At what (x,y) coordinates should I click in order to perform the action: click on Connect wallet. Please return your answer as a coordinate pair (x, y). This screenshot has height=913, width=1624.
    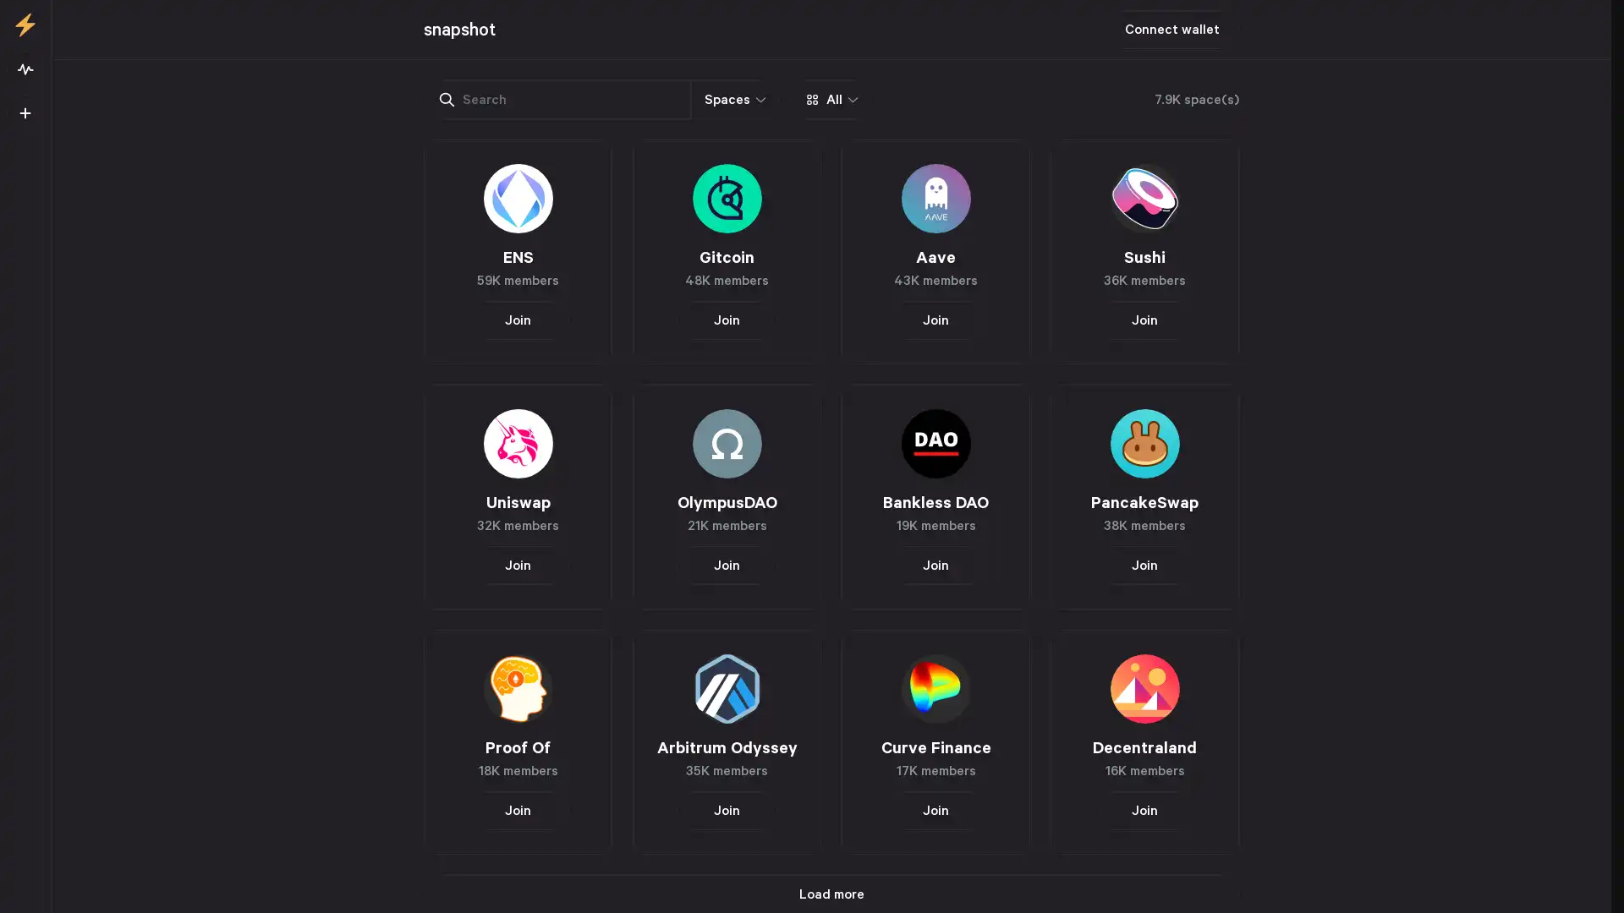
    Looking at the image, I should click on (1171, 29).